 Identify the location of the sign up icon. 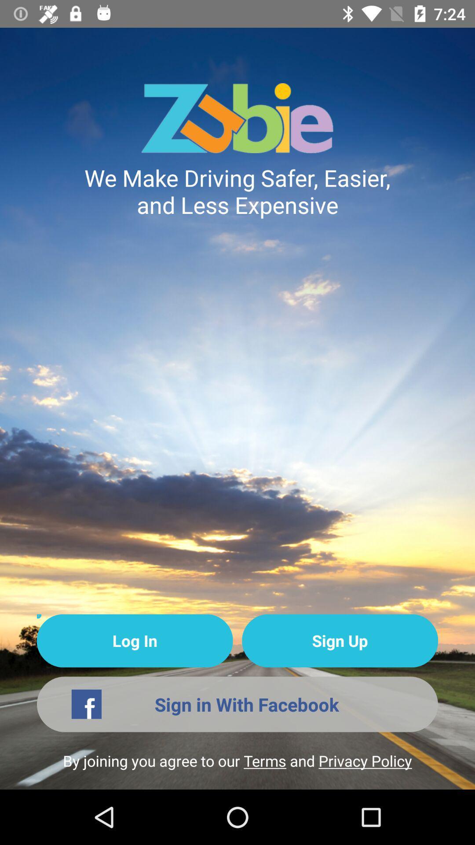
(340, 641).